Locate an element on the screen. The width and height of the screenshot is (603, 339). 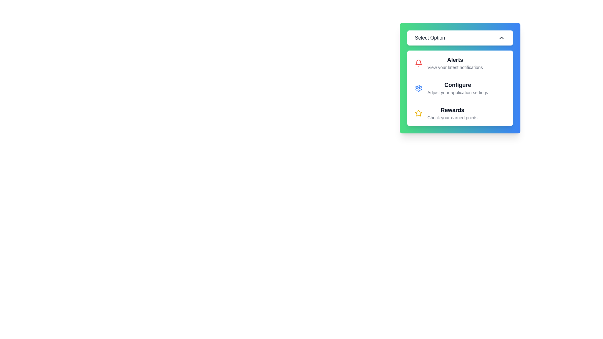
the descriptive text label located under the 'Alerts' section in the dropdown menu, positioned to the right of the bell icon is located at coordinates (455, 67).